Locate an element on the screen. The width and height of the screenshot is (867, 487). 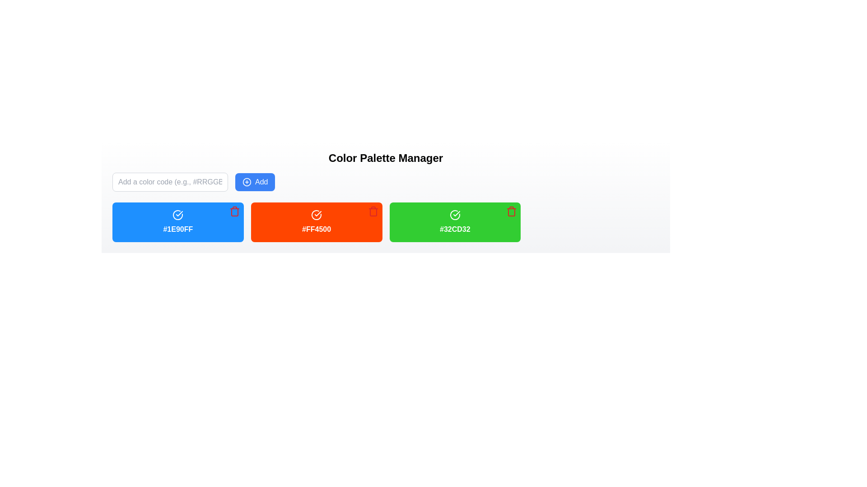
the checkmark icon located in the top-left corner of the blue section labeled '#1E90FF', which is represented as a fine-line style graphic inside a circular region is located at coordinates (178, 215).